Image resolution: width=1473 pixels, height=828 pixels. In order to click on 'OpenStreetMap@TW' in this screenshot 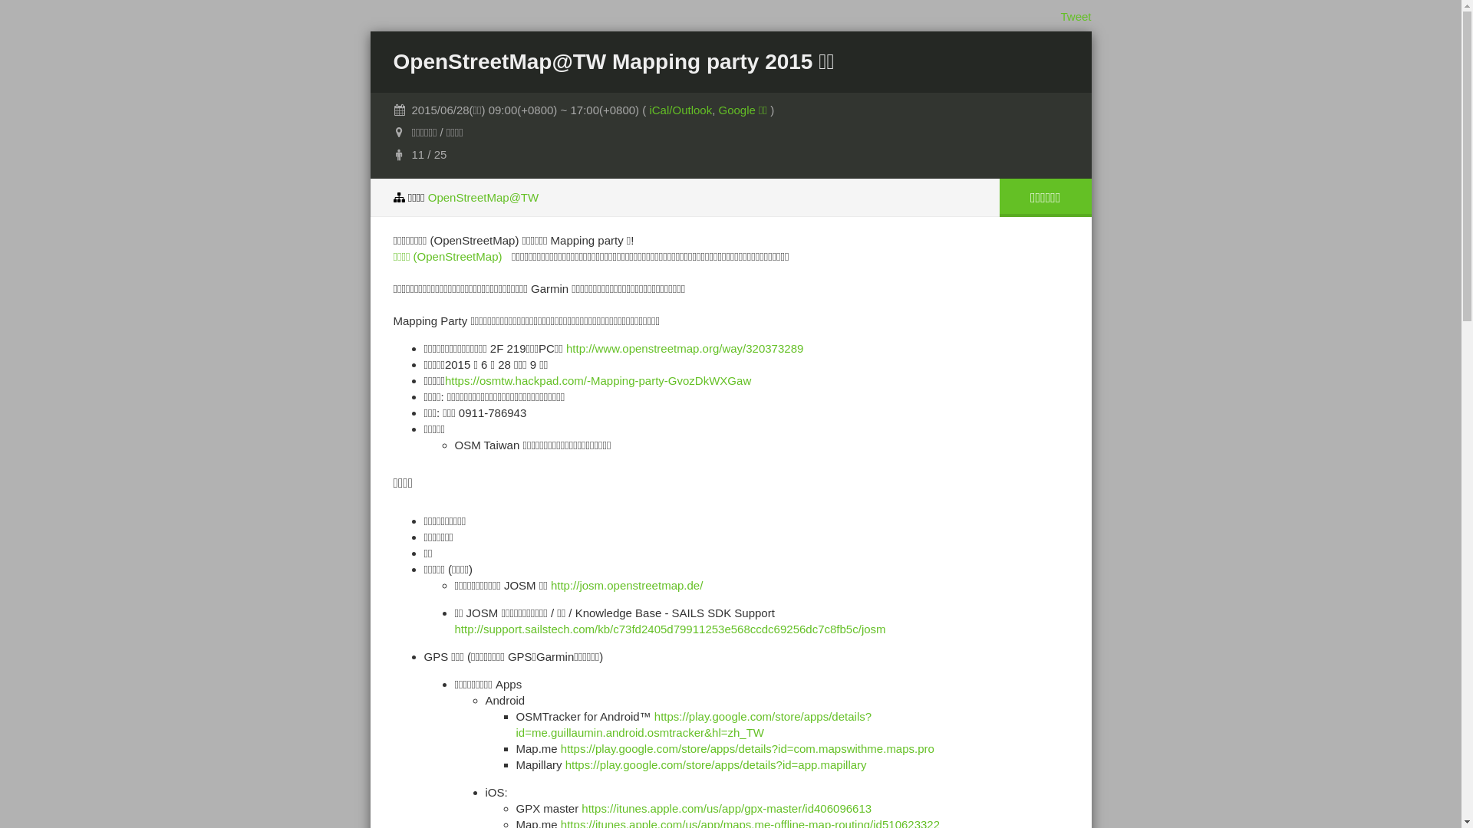, I will do `click(482, 196)`.